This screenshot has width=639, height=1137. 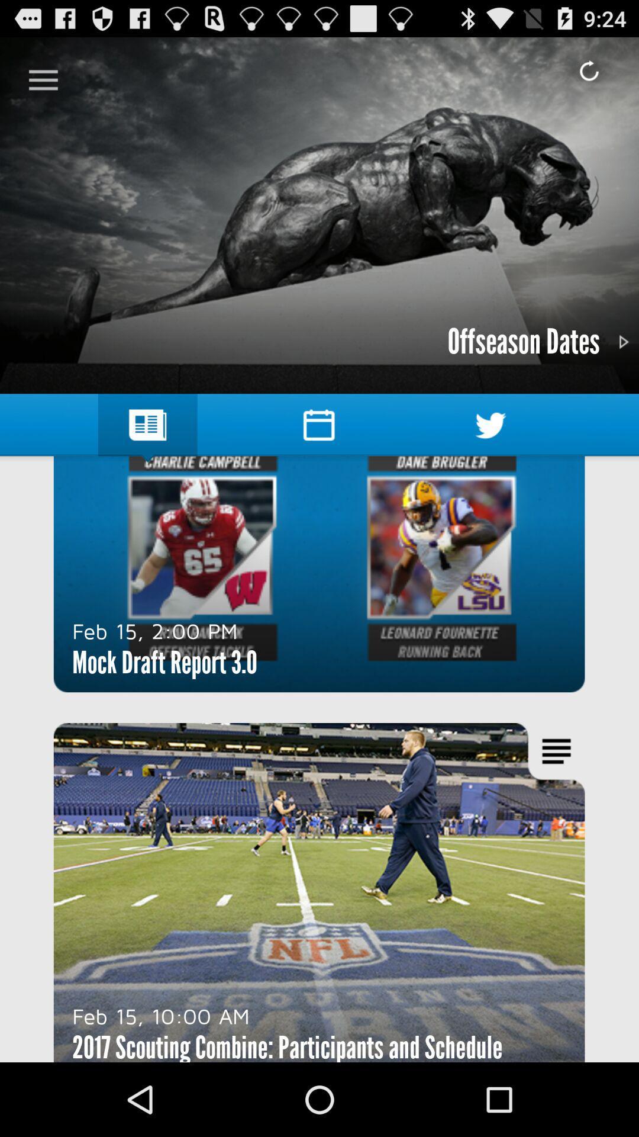 What do you see at coordinates (589, 70) in the screenshot?
I see `refresh icon` at bounding box center [589, 70].